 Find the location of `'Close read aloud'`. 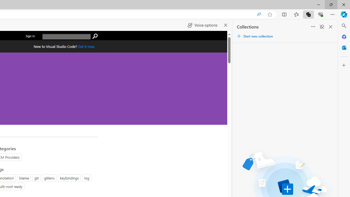

'Close read aloud' is located at coordinates (226, 25).